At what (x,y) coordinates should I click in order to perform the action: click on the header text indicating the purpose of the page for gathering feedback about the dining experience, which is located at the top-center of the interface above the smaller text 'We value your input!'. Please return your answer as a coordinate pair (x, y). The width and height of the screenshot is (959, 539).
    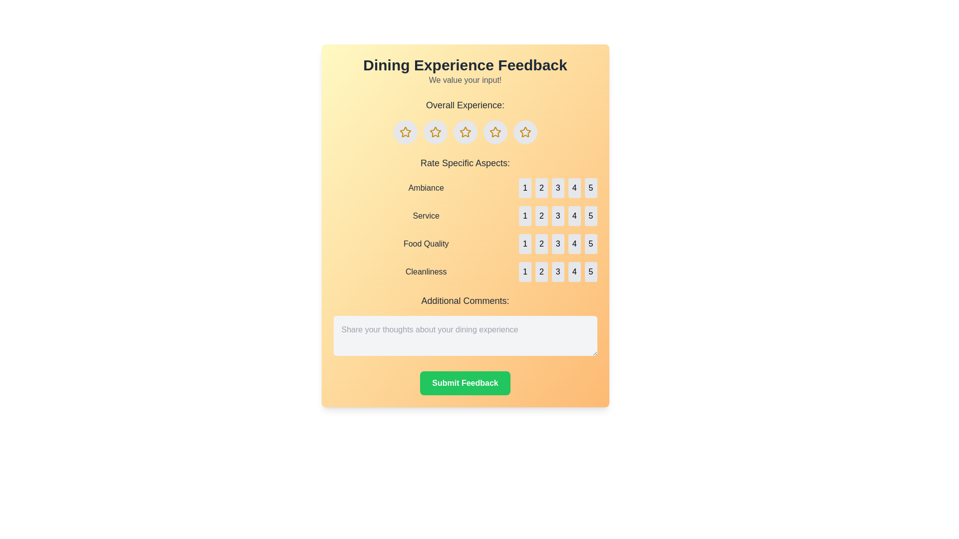
    Looking at the image, I should click on (465, 65).